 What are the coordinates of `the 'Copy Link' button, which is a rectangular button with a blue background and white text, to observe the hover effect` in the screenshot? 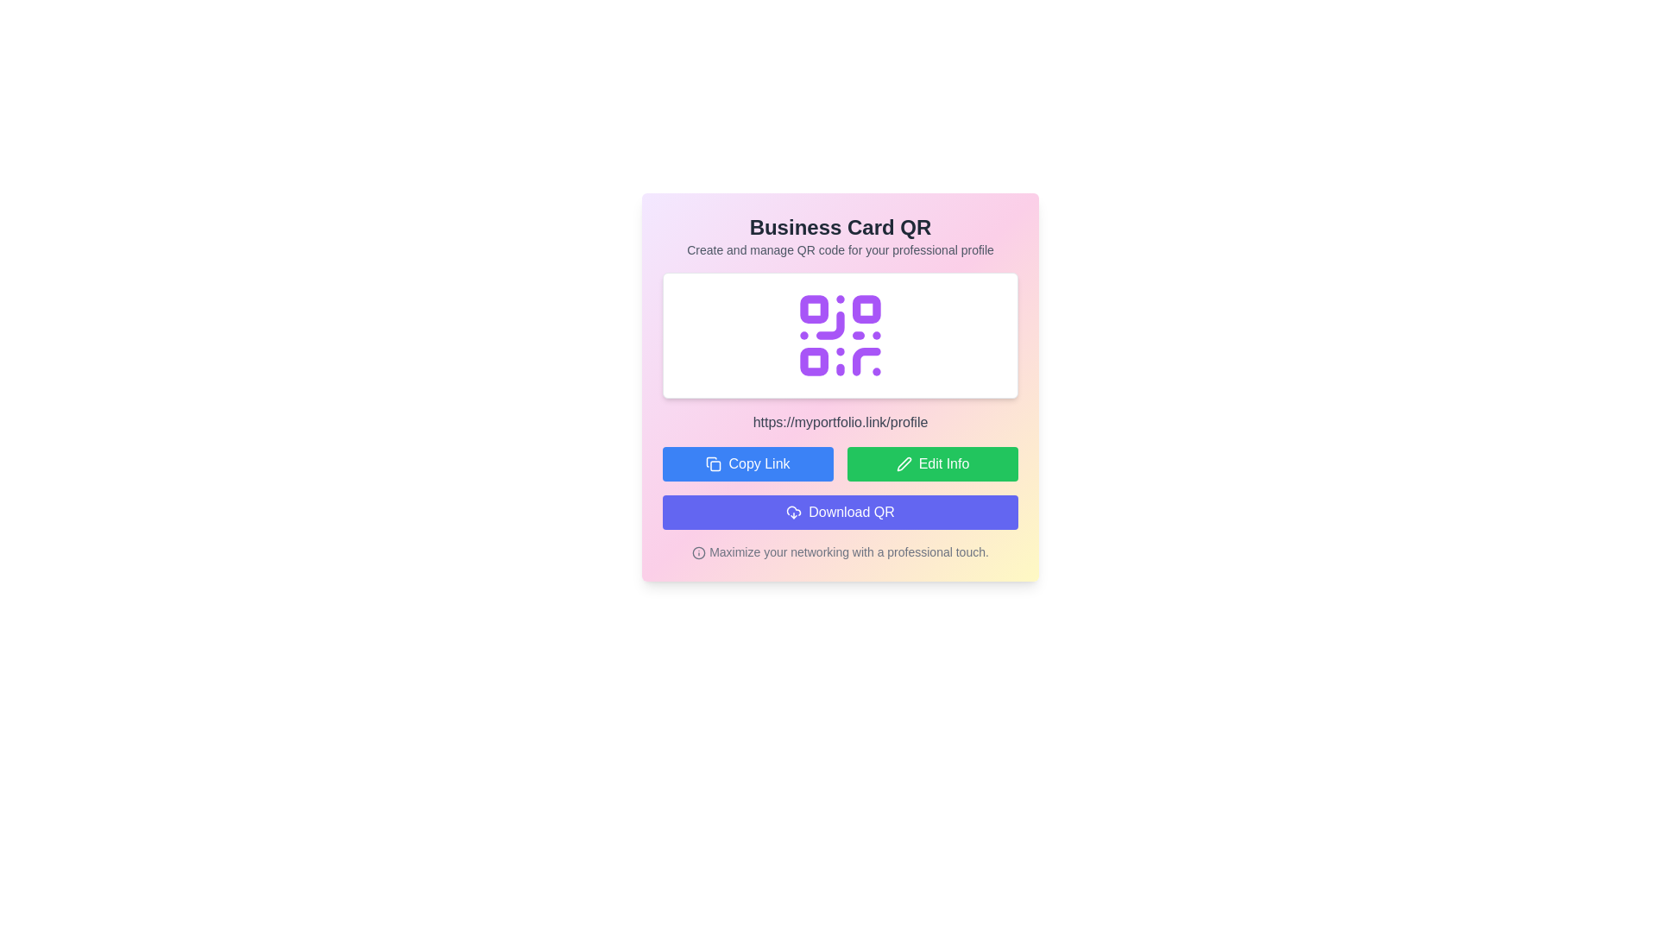 It's located at (748, 463).